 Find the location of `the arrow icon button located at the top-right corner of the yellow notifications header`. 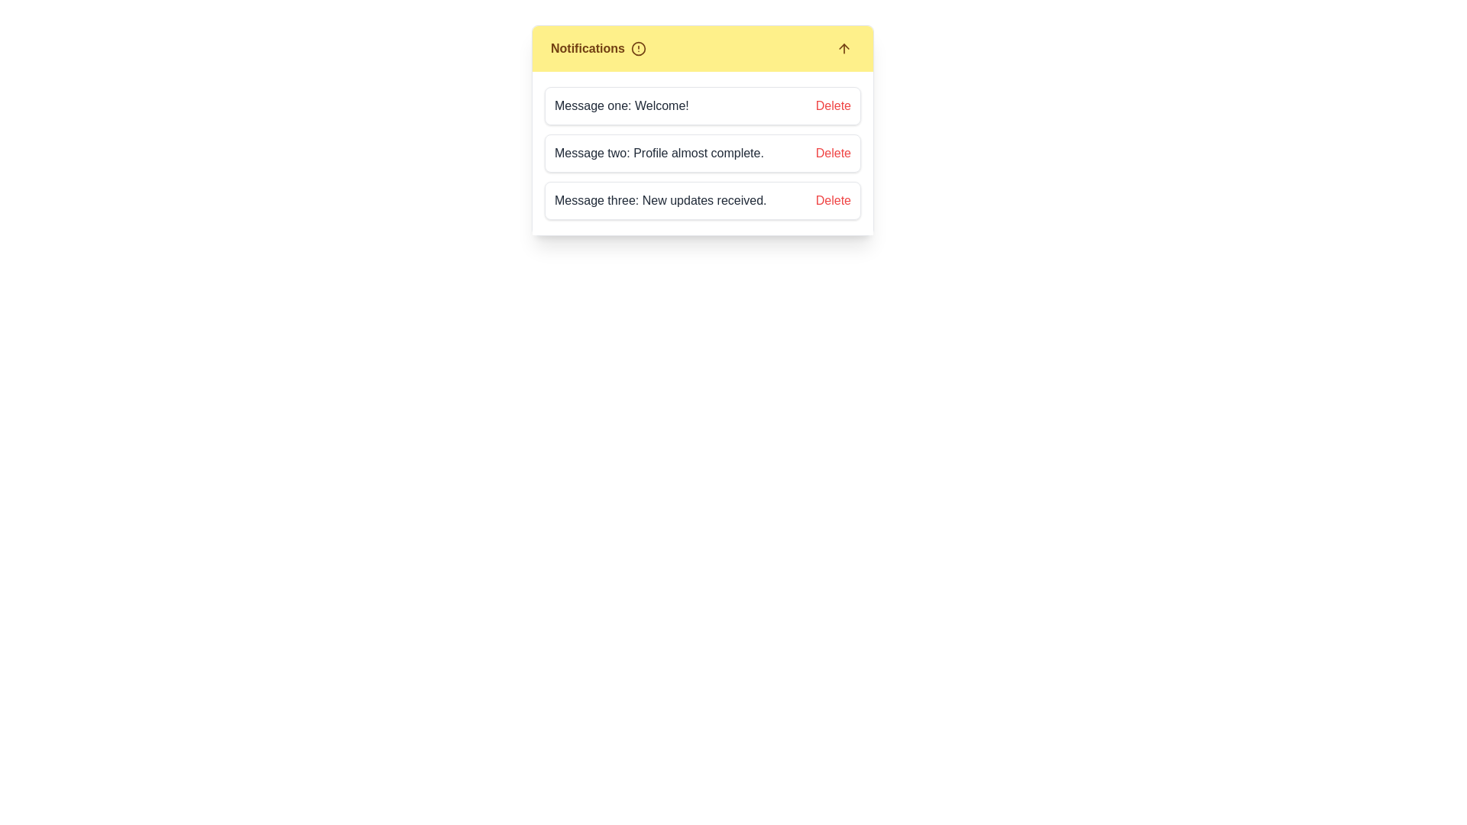

the arrow icon button located at the top-right corner of the yellow notifications header is located at coordinates (843, 48).